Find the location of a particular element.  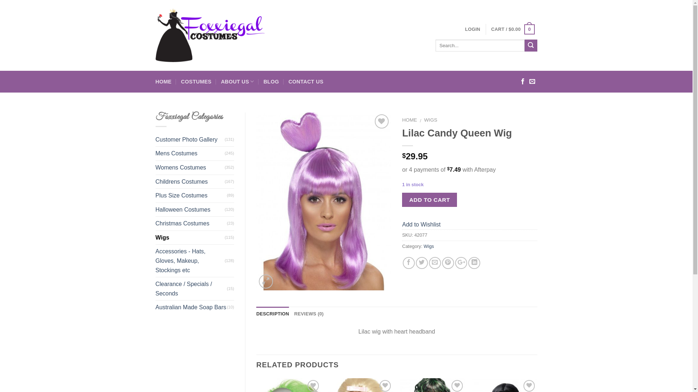

'Australian Made Soap Bars' is located at coordinates (191, 307).